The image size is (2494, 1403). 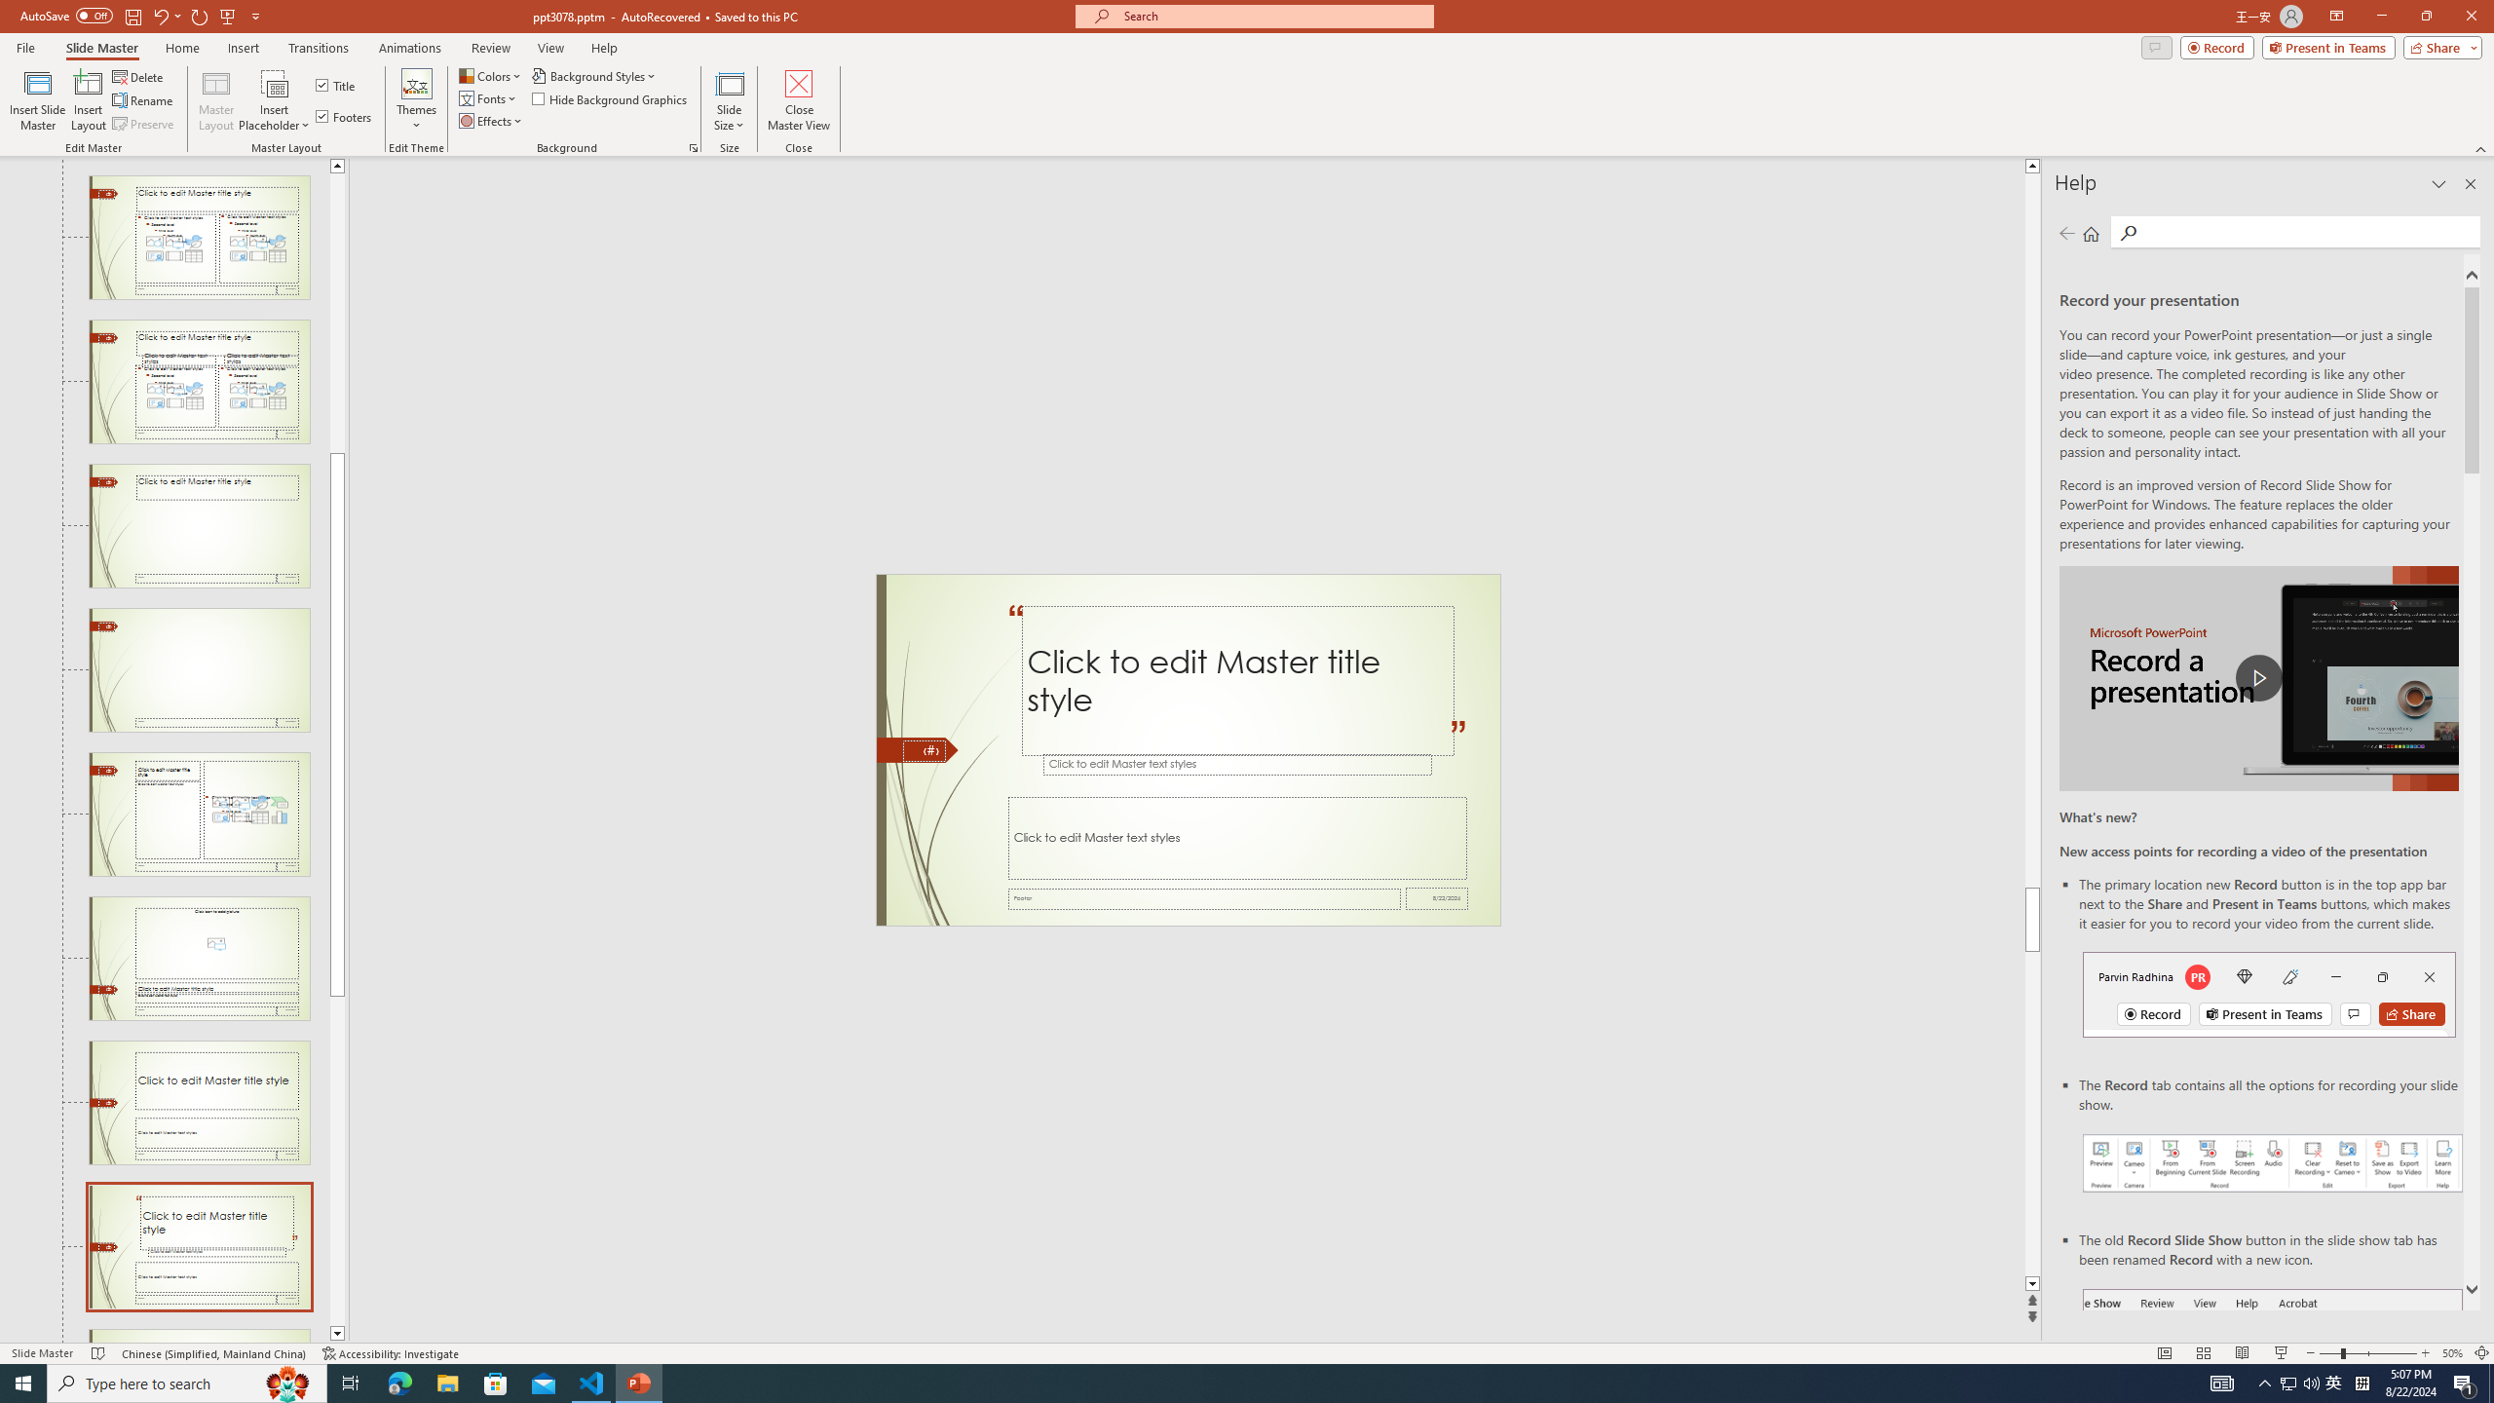 I want to click on 'Line up', so click(x=337, y=164).